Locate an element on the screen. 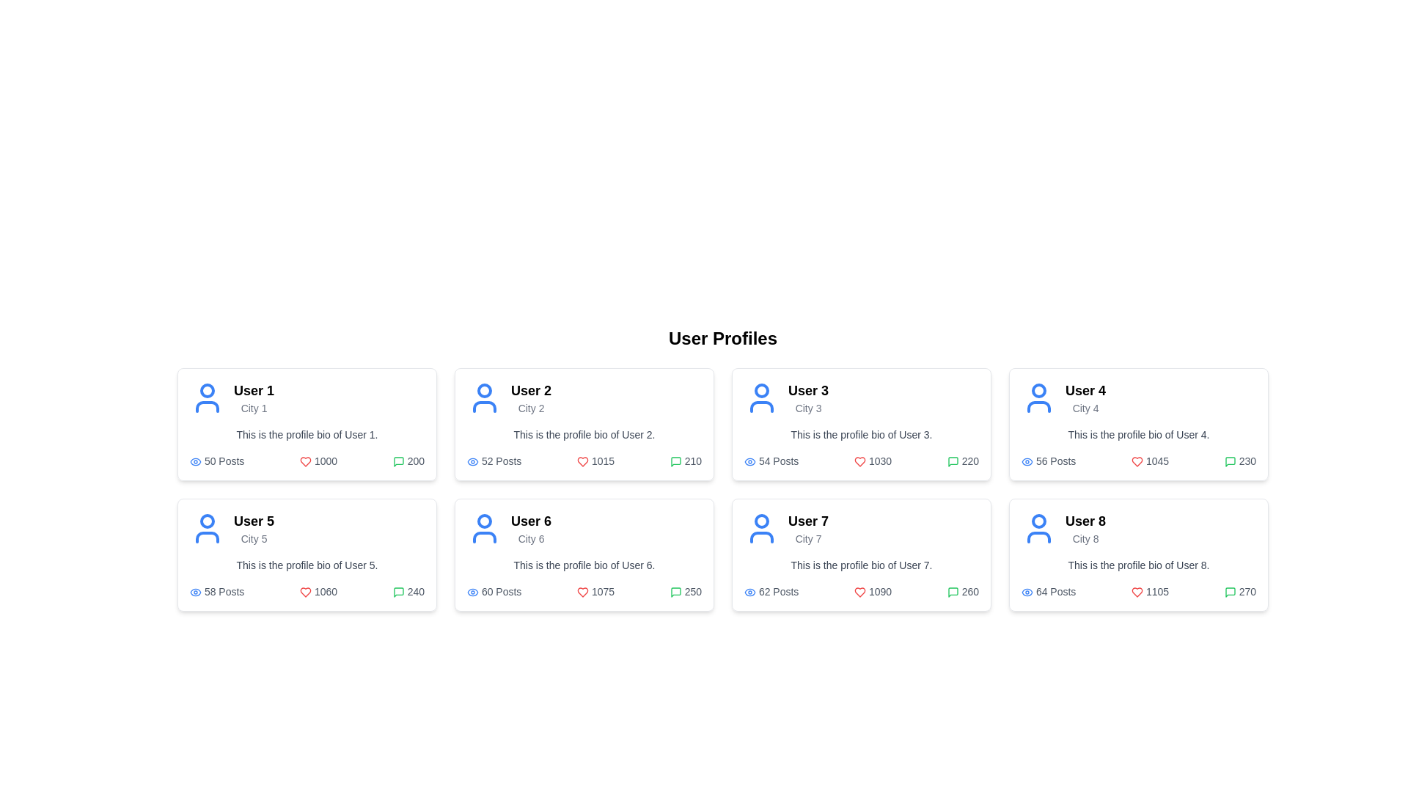  the eye-shaped icon located to the left of the text '56 Posts' in the profile card of 'User 4' is located at coordinates (1027, 461).